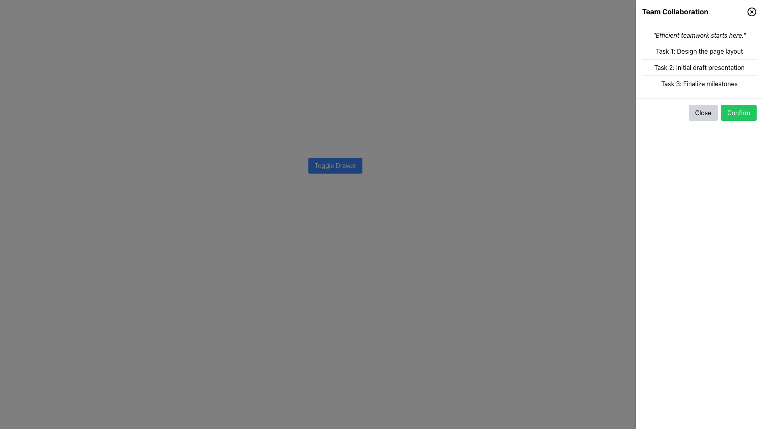 This screenshot has height=429, width=763. Describe the element at coordinates (751, 12) in the screenshot. I see `the circular close button with a red 'X' in the upper-right corner of the 'Team Collaboration' header` at that location.